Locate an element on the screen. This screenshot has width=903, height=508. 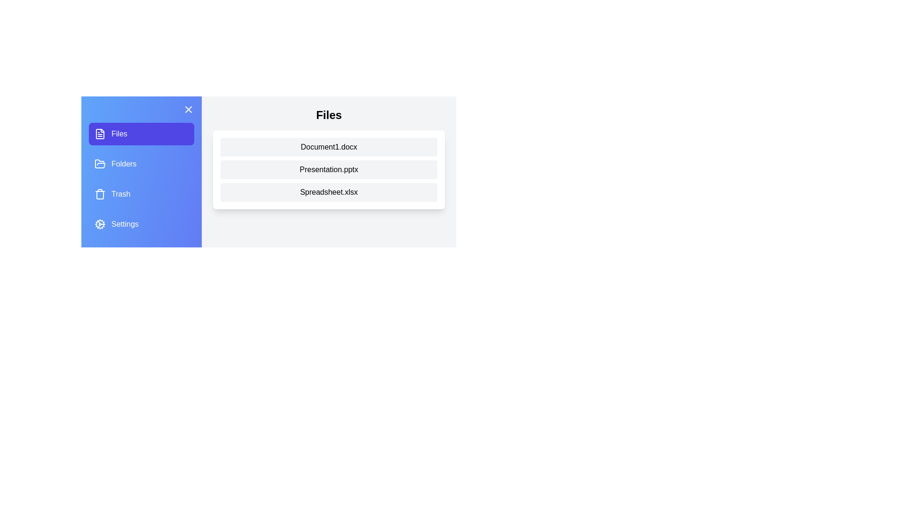
the toggle button to open or close the drawer is located at coordinates (188, 109).